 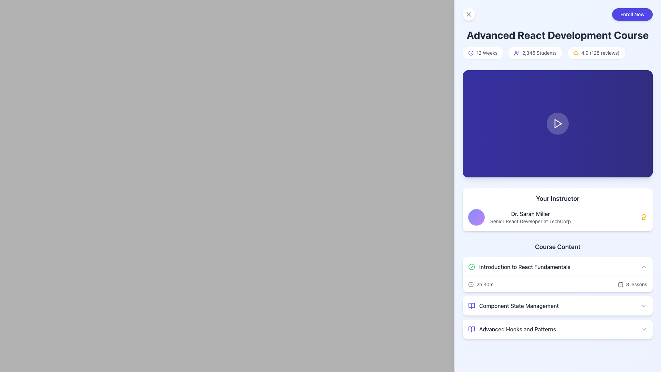 I want to click on the play button icon, which is an SVG-based graphical element centered within a blue rectangular area below the 'Advanced React Development Course' heading, so click(x=558, y=123).